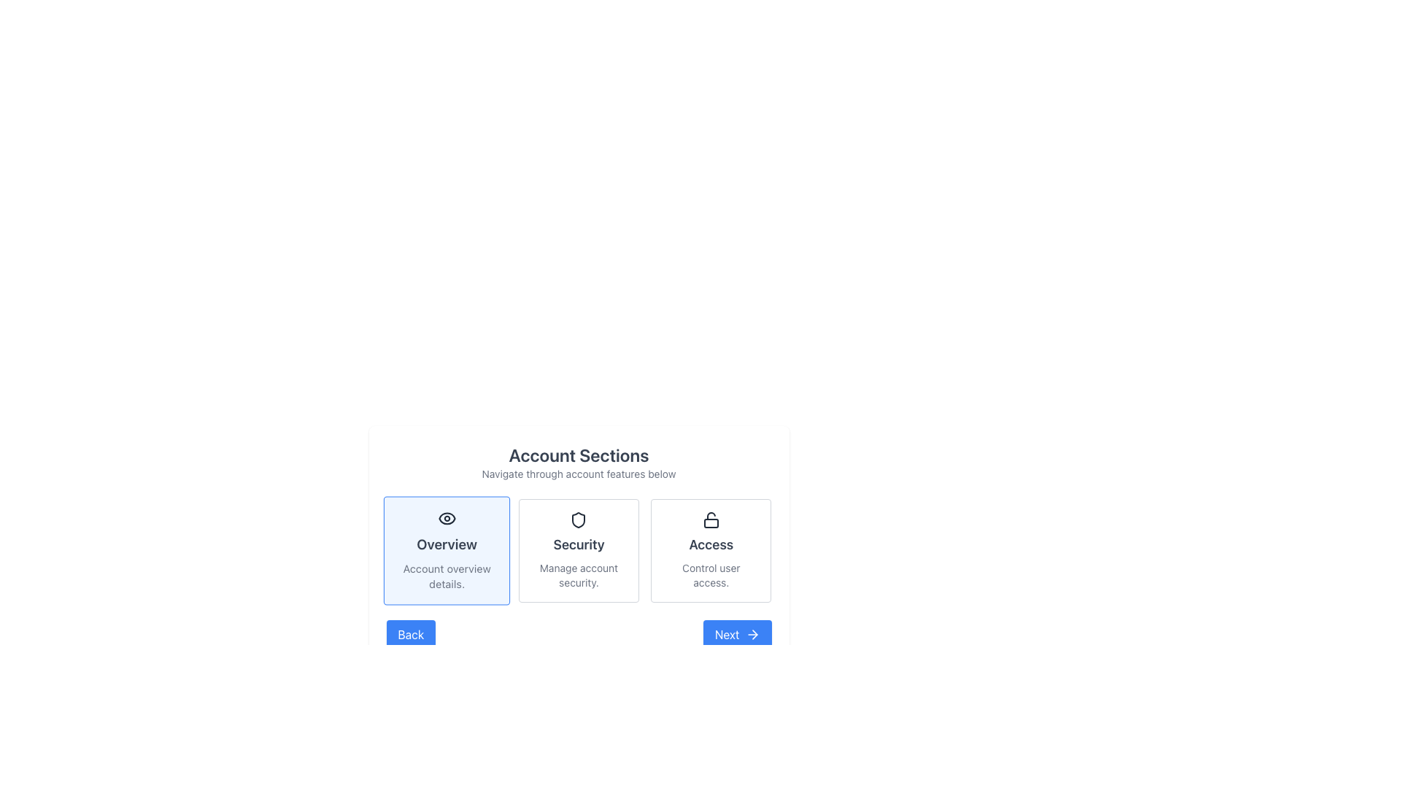  What do you see at coordinates (711, 551) in the screenshot?
I see `the third interactive informational card in the 'Account Sections' area` at bounding box center [711, 551].